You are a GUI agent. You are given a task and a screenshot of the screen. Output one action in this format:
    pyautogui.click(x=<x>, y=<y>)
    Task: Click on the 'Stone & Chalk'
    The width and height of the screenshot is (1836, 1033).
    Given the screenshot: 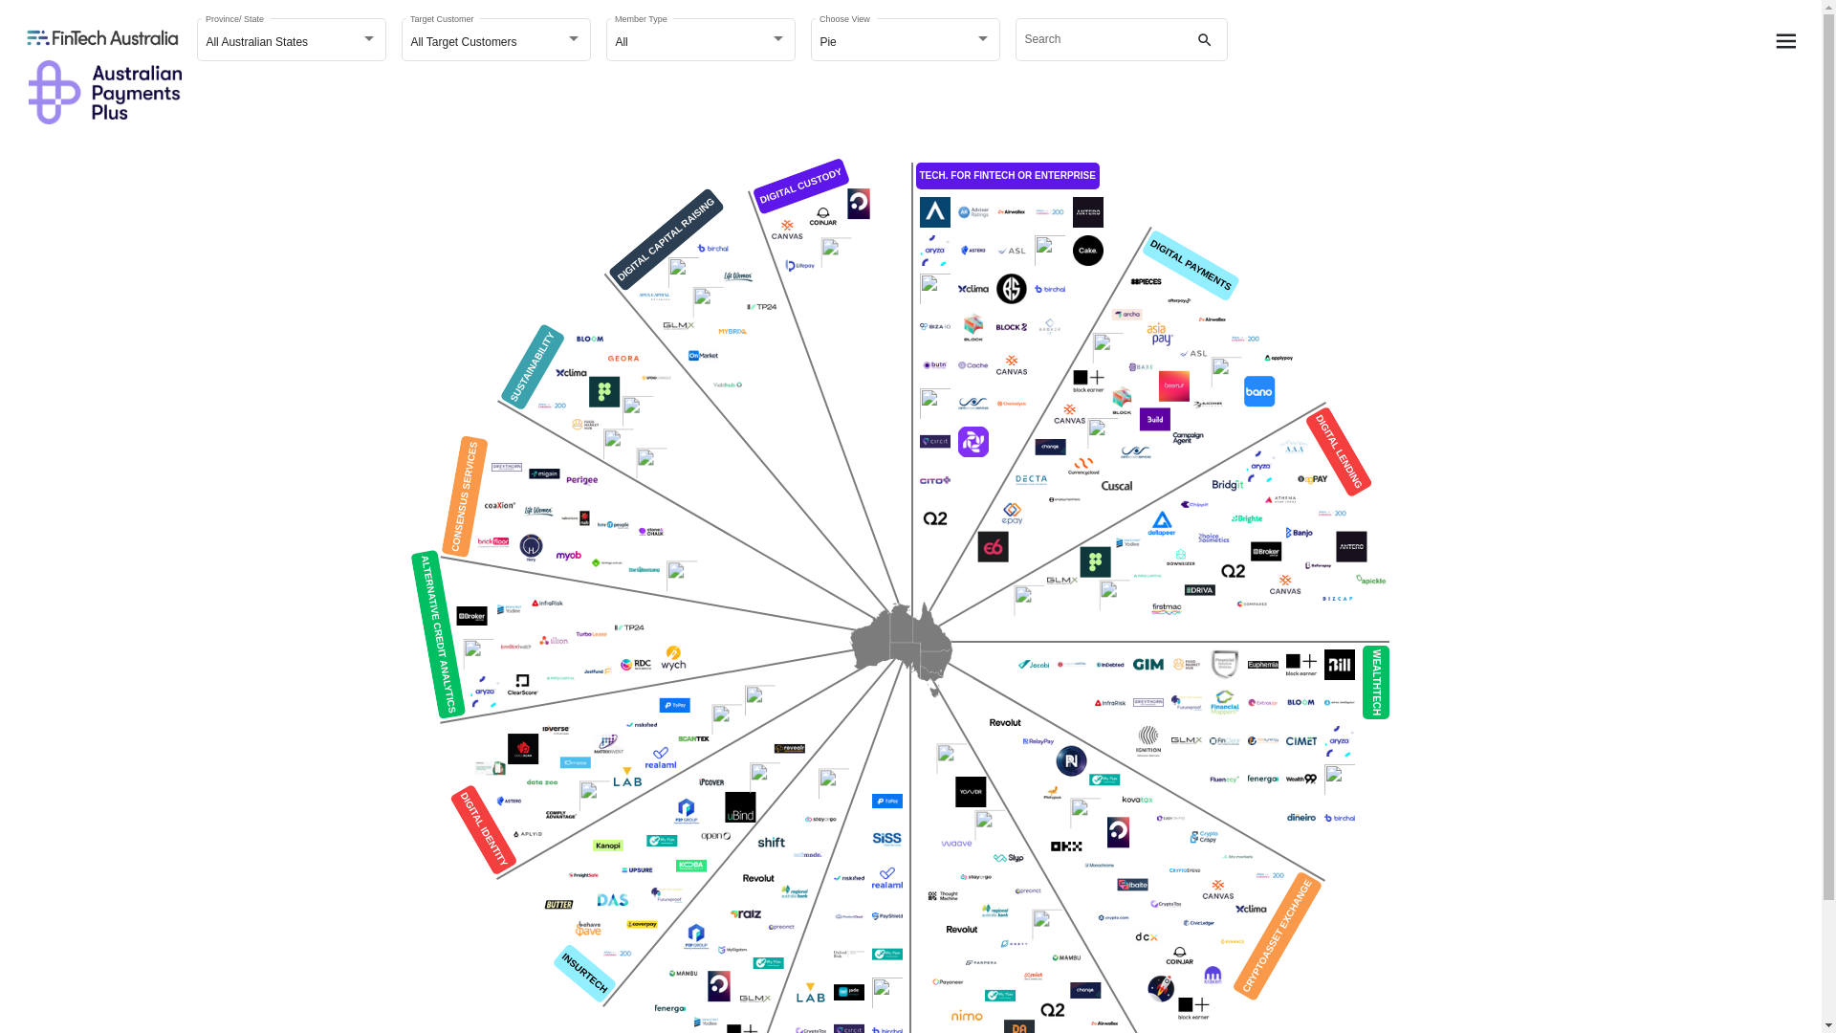 What is the action you would take?
    pyautogui.click(x=631, y=531)
    